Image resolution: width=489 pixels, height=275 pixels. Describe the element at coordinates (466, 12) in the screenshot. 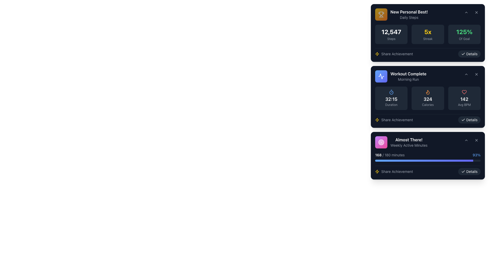

I see `the collapsible button located at the top-right corner of the 'New Personal Best!' module` at that location.